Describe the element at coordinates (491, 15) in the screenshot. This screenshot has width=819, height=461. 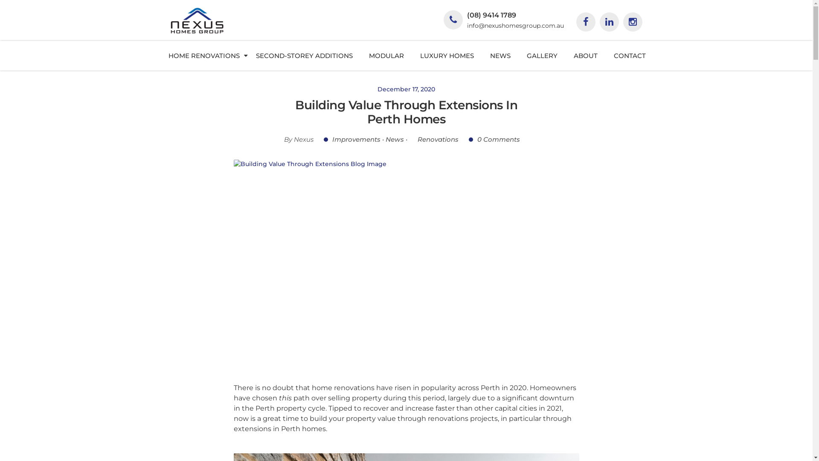
I see `'(08) 9414 1789'` at that location.